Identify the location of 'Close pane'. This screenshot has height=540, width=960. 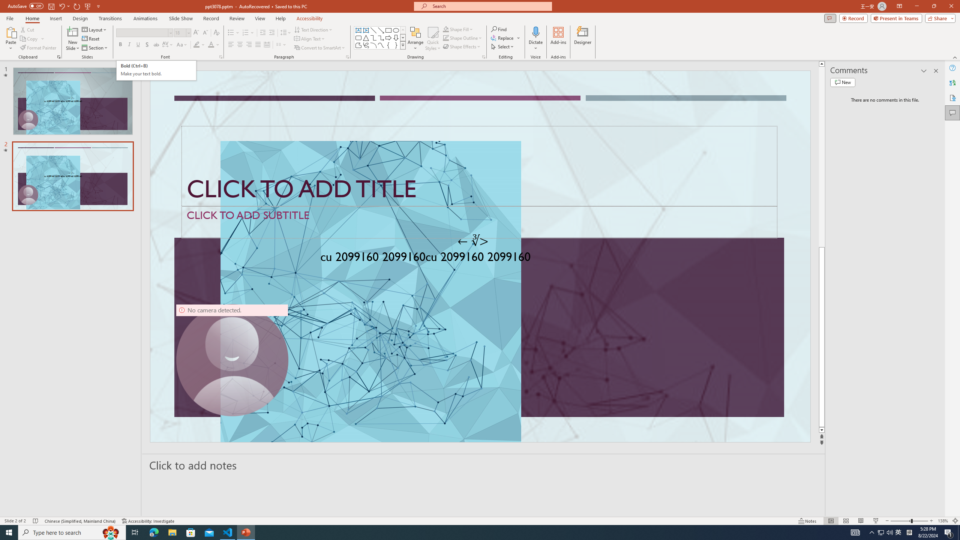
(936, 70).